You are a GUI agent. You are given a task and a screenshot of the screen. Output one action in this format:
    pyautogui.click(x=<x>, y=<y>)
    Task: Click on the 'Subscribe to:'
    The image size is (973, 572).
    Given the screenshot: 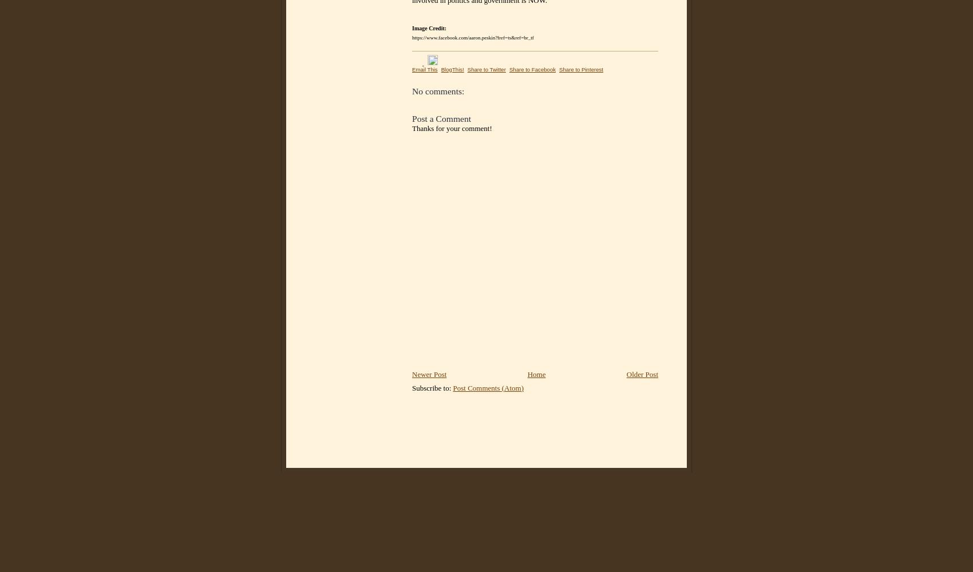 What is the action you would take?
    pyautogui.click(x=432, y=387)
    